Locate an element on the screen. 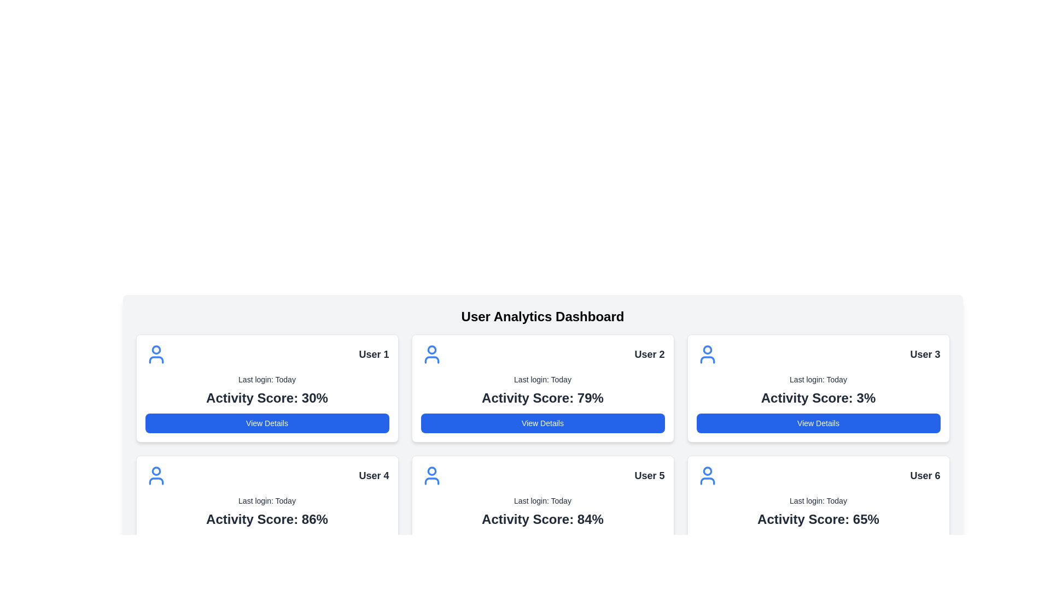 Image resolution: width=1050 pixels, height=590 pixels. the upper circular part of the user profile icon located in the first column and second row of the dashboard layout is located at coordinates (431, 470).